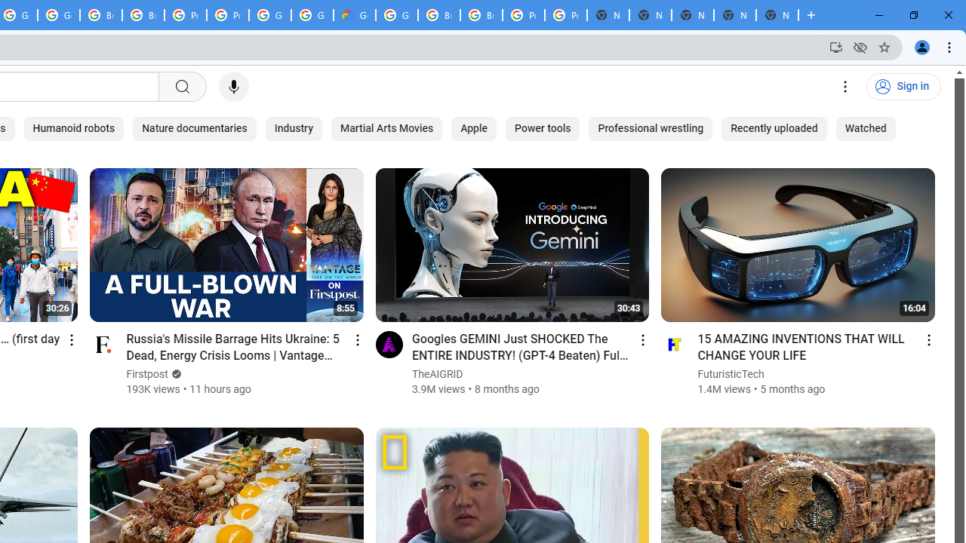 The width and height of the screenshot is (966, 543). What do you see at coordinates (731, 373) in the screenshot?
I see `'FuturisticTech'` at bounding box center [731, 373].